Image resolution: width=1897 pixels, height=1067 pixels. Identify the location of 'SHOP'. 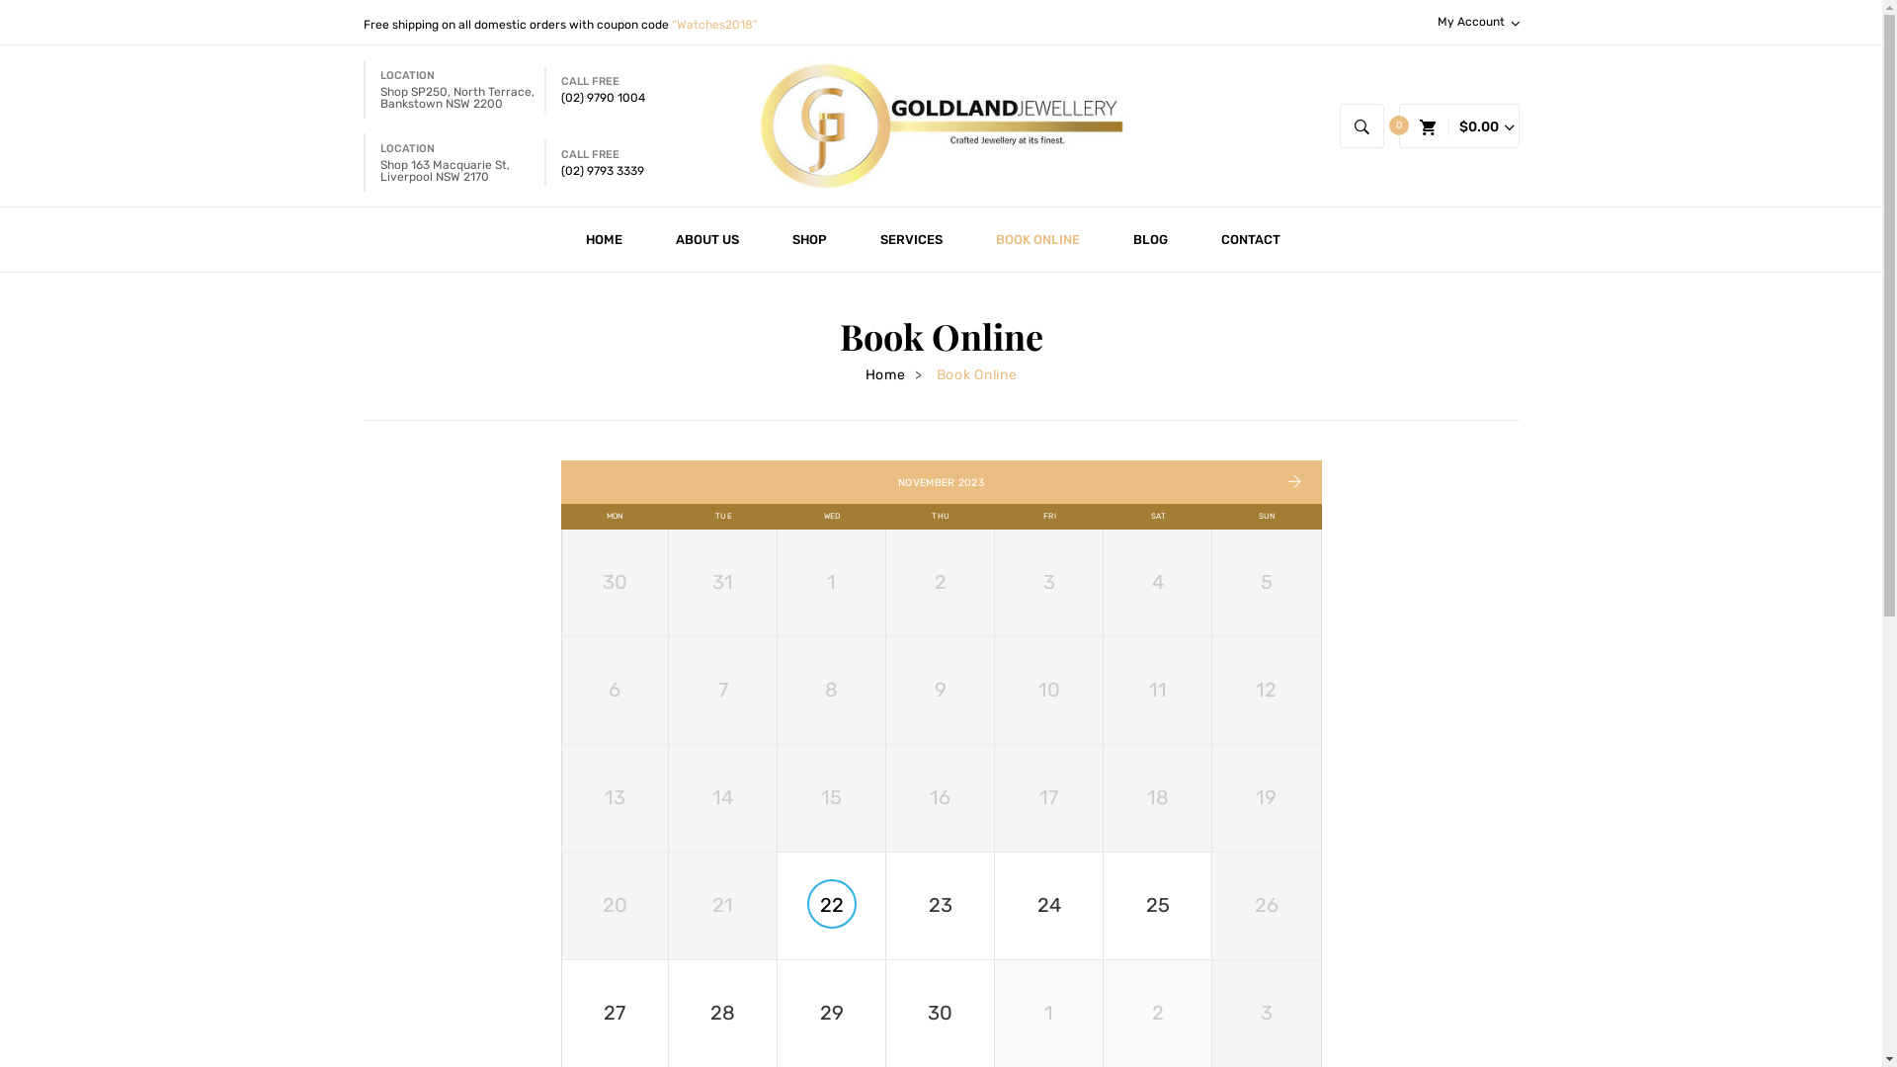
(808, 238).